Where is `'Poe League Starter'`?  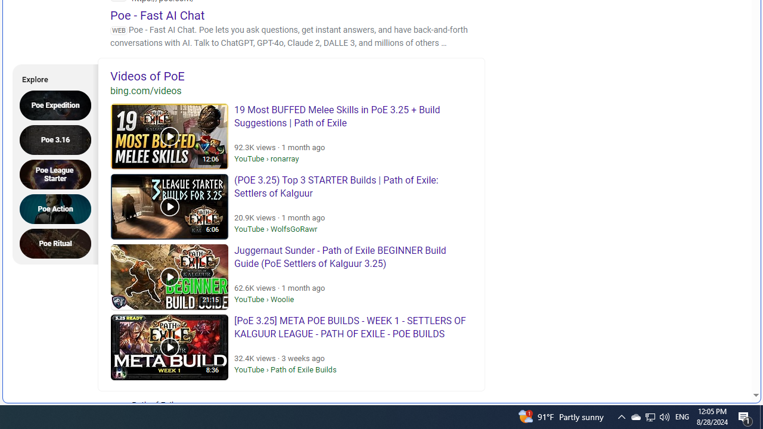
'Poe League Starter' is located at coordinates (58, 174).